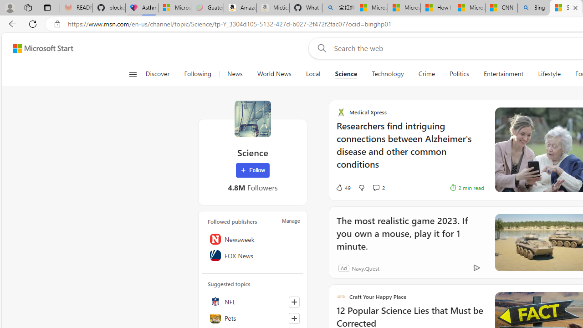  What do you see at coordinates (252, 170) in the screenshot?
I see `'Follow'` at bounding box center [252, 170].